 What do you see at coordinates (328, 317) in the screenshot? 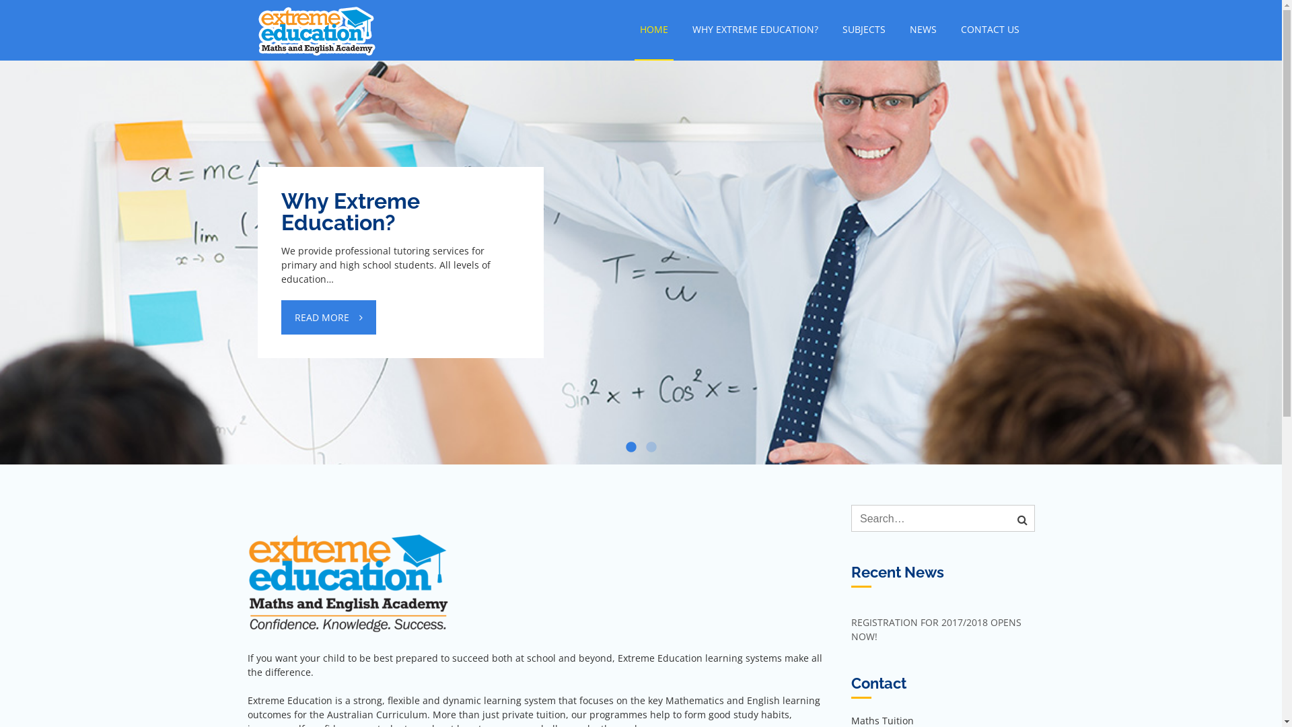
I see `'READ MORE'` at bounding box center [328, 317].